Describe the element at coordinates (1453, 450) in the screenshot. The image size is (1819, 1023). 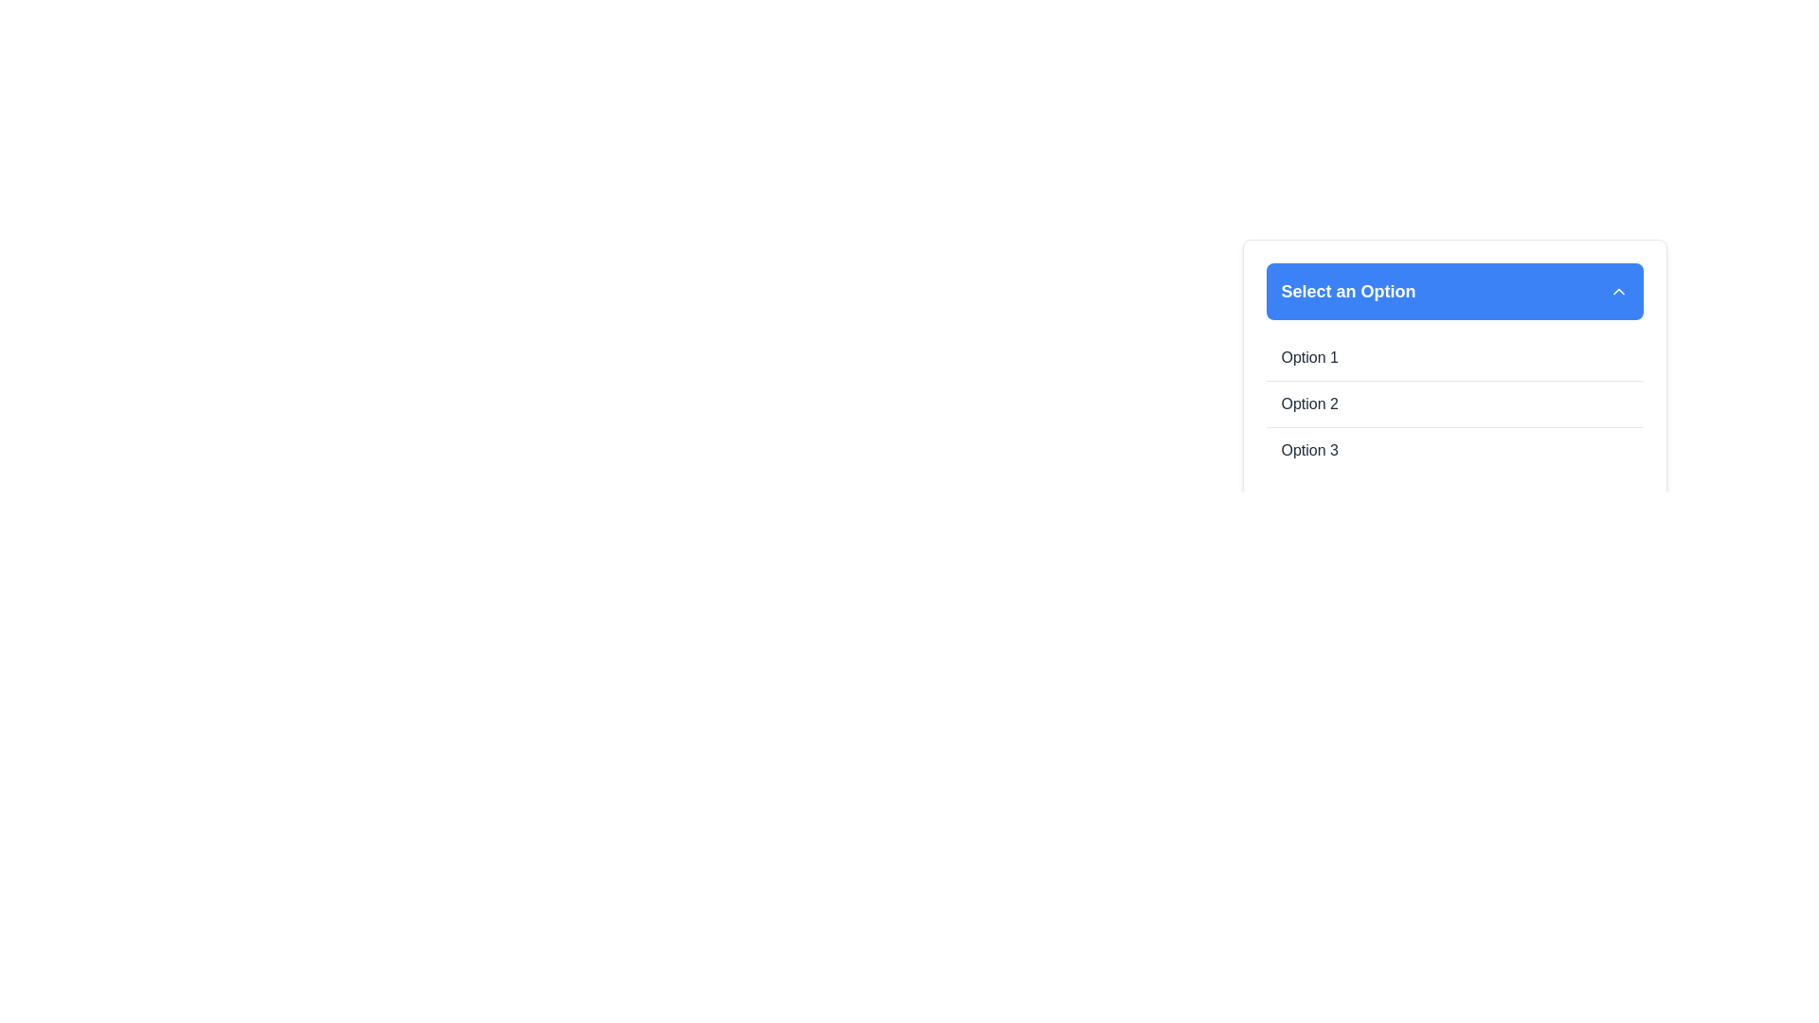
I see `the Interactive list item labeled 'Option 3'` at that location.